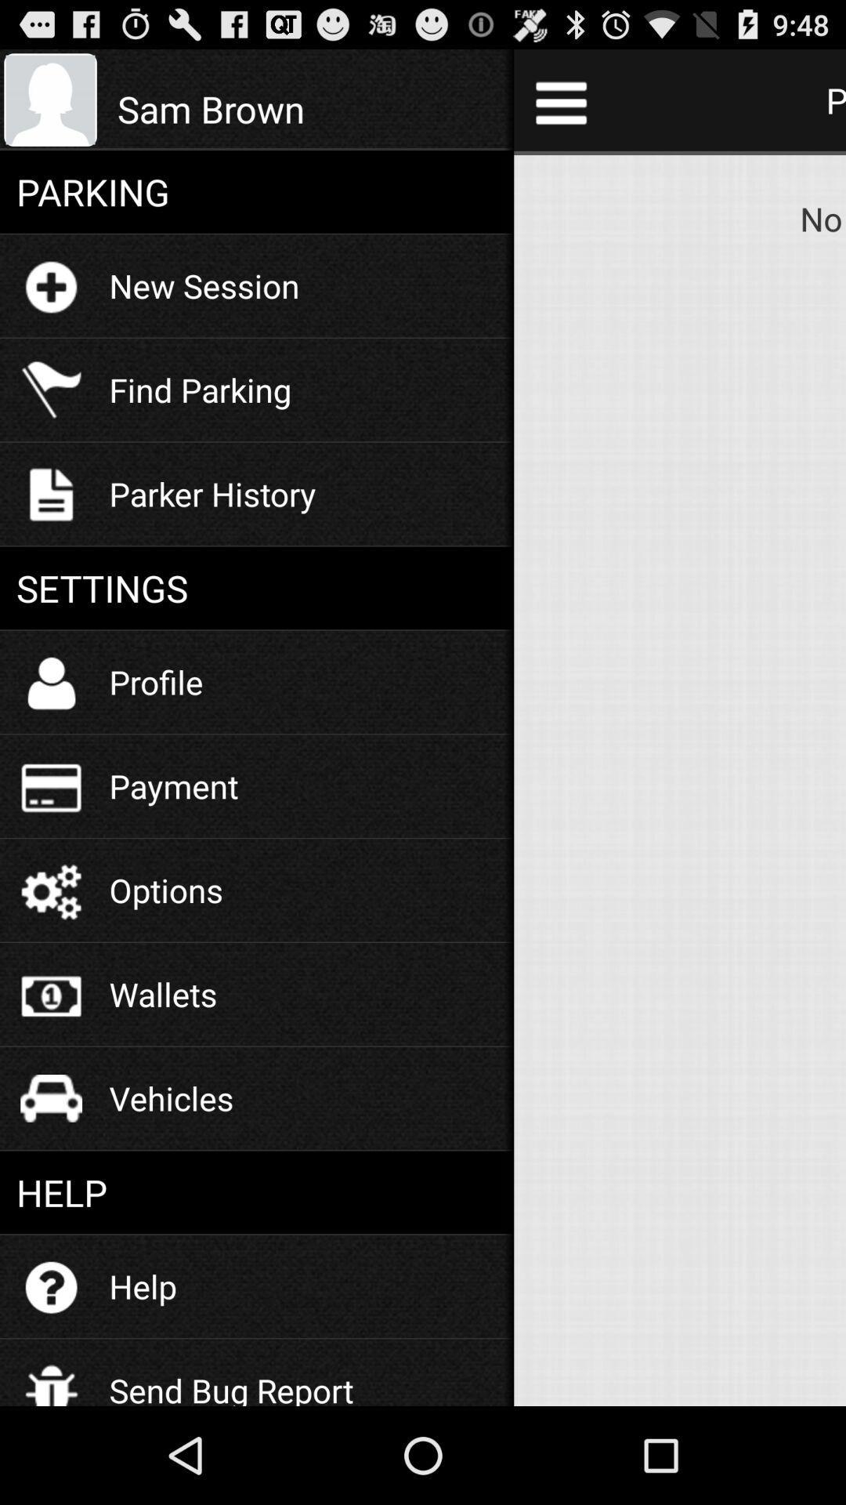  What do you see at coordinates (156, 681) in the screenshot?
I see `the icon below settings item` at bounding box center [156, 681].